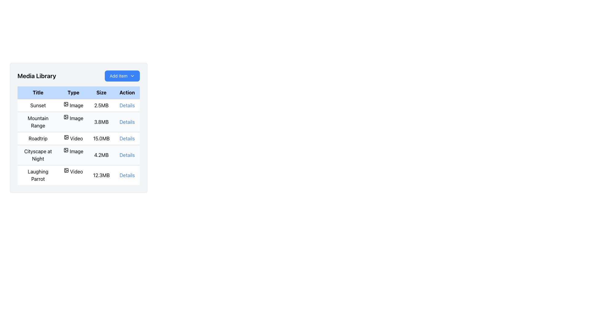  What do you see at coordinates (101, 138) in the screenshot?
I see `the static text displaying the size of the item 'Roadtrip' in the 'Media Library' table, located in the 'Size' column between the 'Type' value 'Video' and the 'Action' link 'Details'` at bounding box center [101, 138].